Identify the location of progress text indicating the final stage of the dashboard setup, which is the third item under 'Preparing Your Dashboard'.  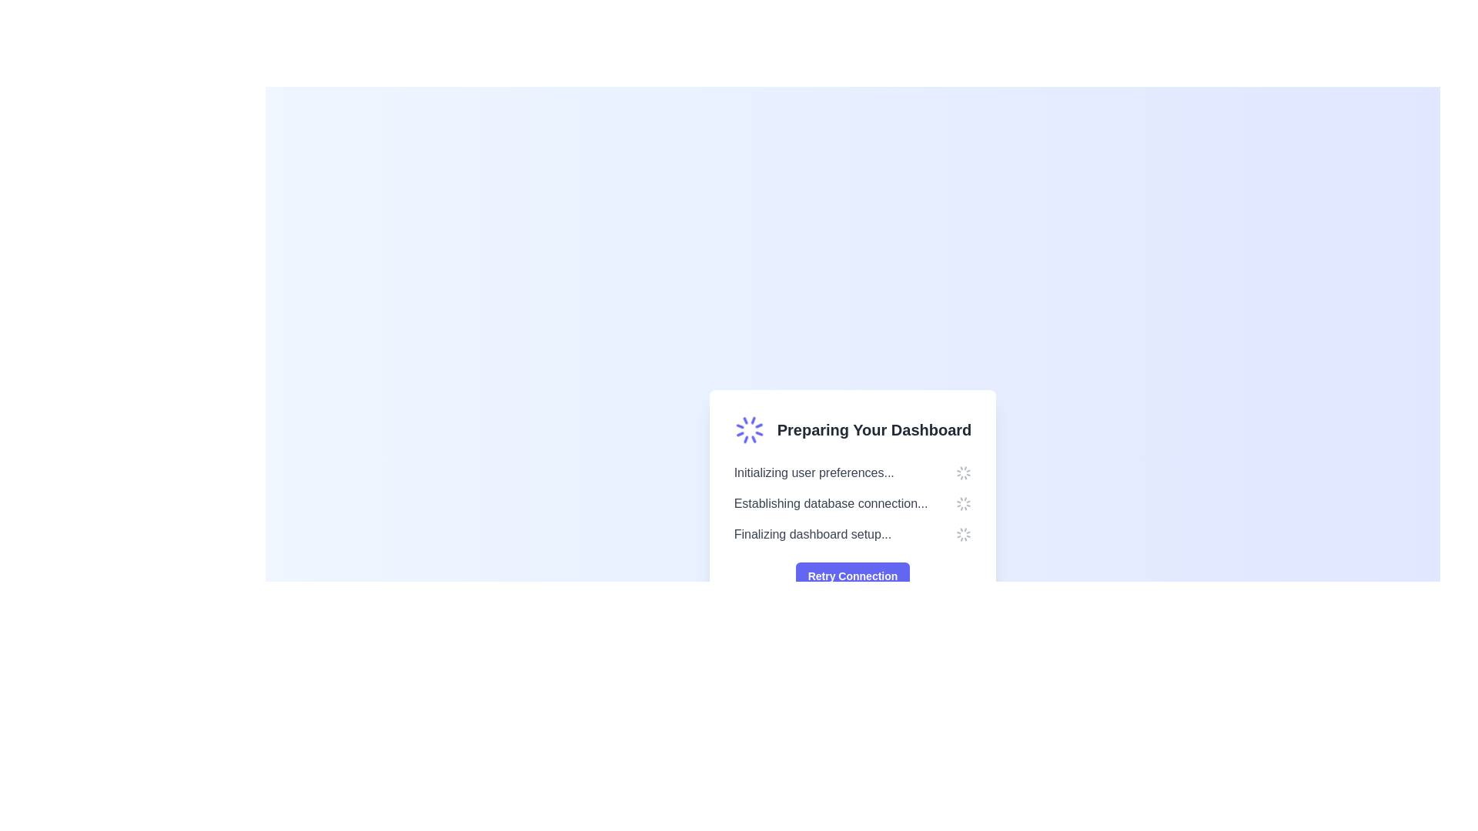
(852, 533).